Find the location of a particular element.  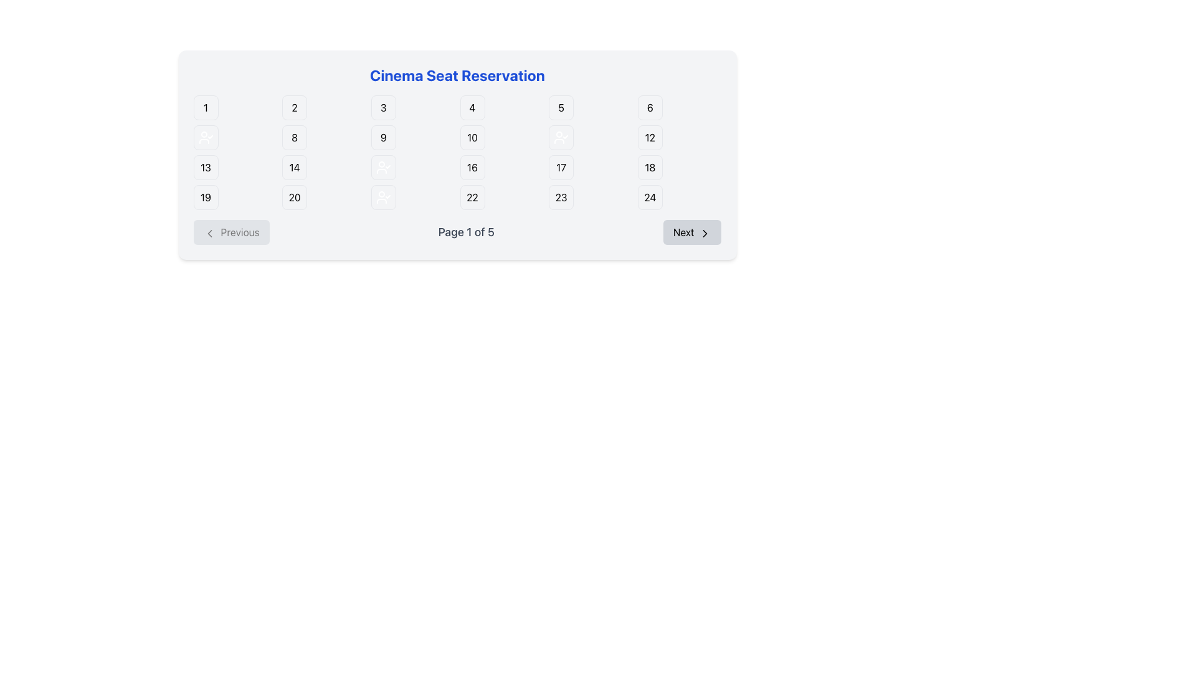

seat number displayed on the Grid Item Button, which is a square button with the number '4' in black on a white background, located in the first row and fourth column of the grid is located at coordinates (472, 107).